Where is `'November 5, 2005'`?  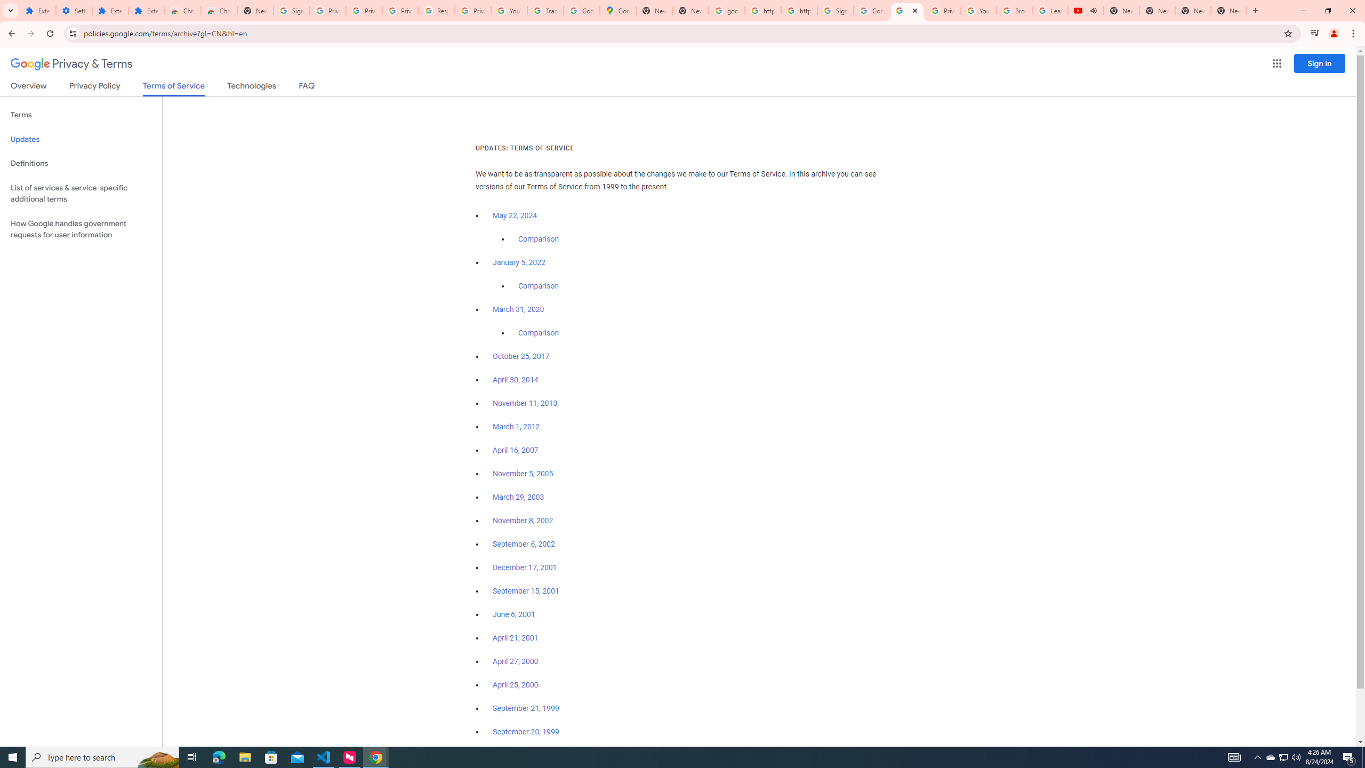
'November 5, 2005' is located at coordinates (522, 474).